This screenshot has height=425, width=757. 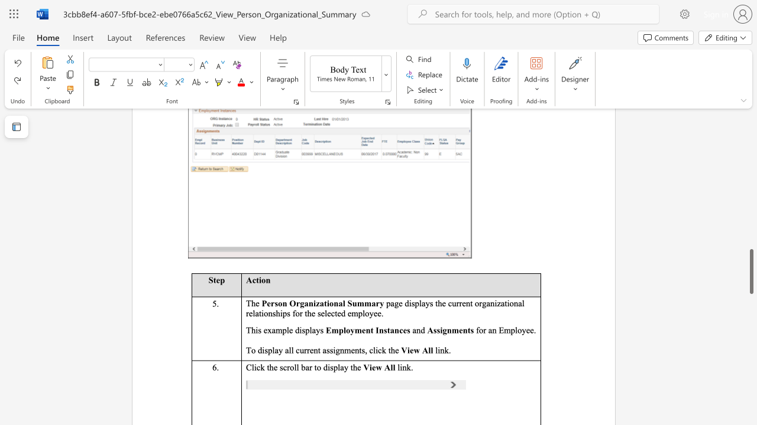 I want to click on the subset text "t Instan" within the text "Employment Instances", so click(x=370, y=330).